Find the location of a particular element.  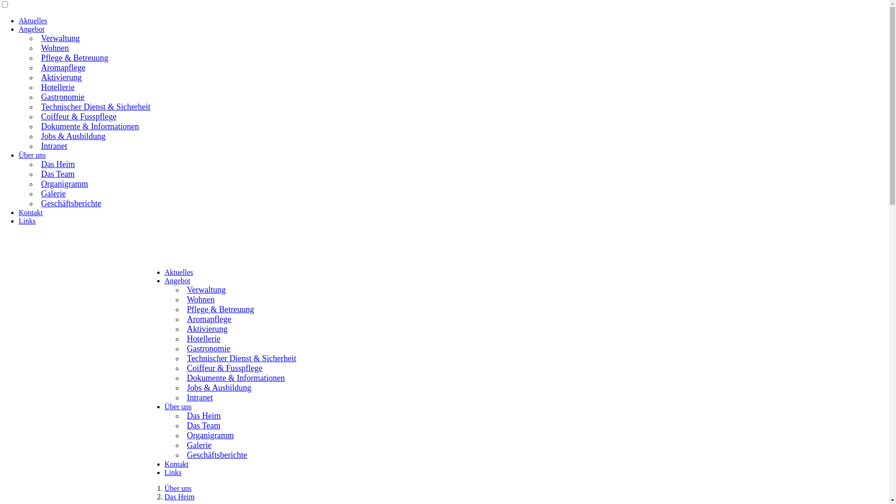

'Links' is located at coordinates (172, 472).